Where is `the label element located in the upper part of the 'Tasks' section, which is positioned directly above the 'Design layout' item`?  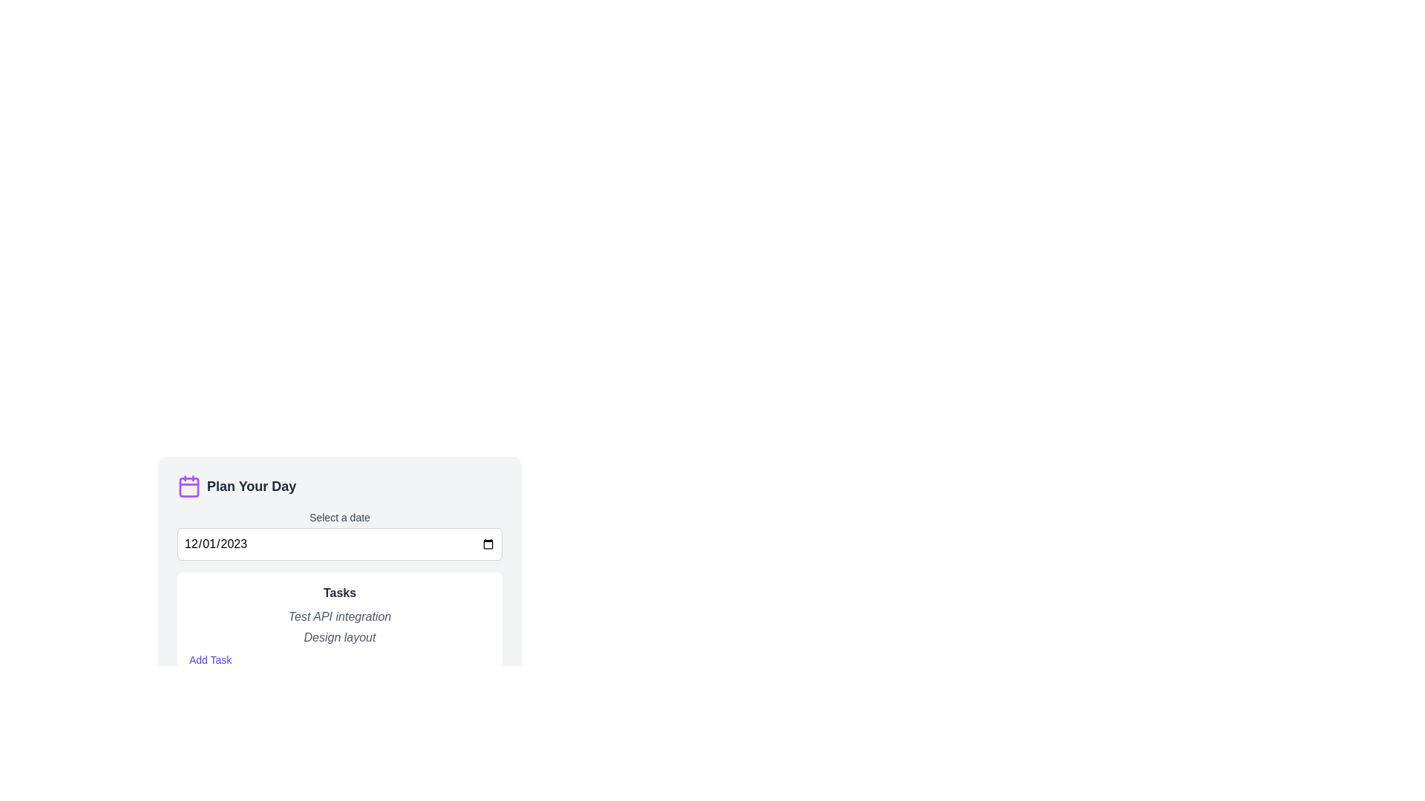 the label element located in the upper part of the 'Tasks' section, which is positioned directly above the 'Design layout' item is located at coordinates (338, 617).